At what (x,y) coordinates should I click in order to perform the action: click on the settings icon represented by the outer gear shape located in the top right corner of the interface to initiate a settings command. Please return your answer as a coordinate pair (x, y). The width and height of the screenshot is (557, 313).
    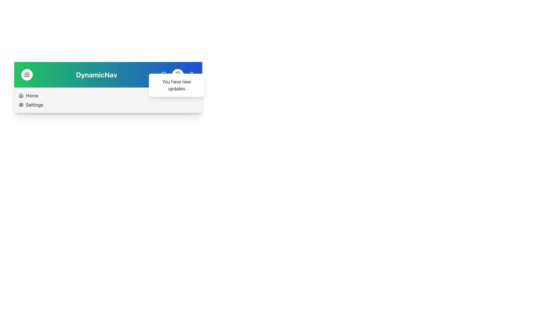
    Looking at the image, I should click on (21, 105).